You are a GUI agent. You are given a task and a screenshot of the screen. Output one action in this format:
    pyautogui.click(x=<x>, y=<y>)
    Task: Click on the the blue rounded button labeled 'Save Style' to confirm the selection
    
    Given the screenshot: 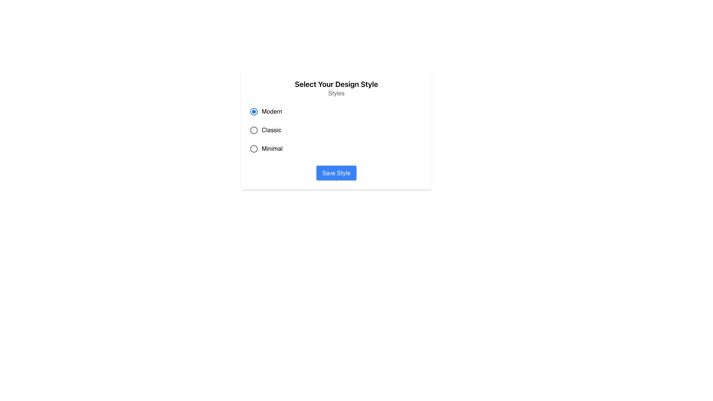 What is the action you would take?
    pyautogui.click(x=336, y=173)
    